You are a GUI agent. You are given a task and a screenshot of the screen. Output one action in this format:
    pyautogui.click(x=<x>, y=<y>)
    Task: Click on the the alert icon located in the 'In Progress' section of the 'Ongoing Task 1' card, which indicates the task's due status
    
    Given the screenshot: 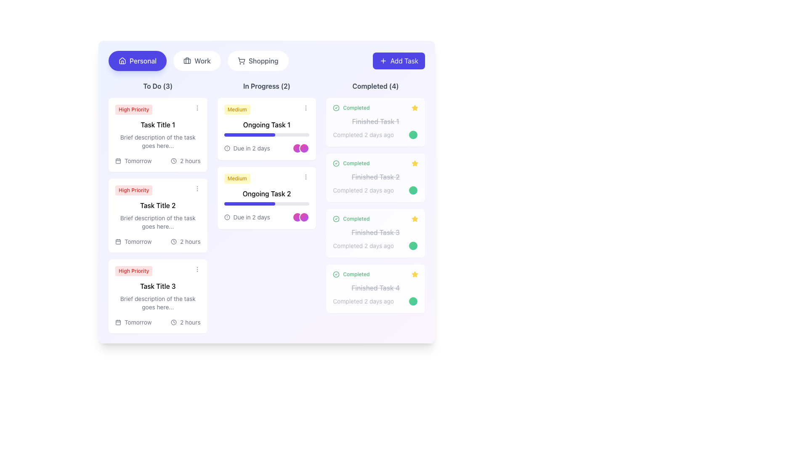 What is the action you would take?
    pyautogui.click(x=227, y=148)
    